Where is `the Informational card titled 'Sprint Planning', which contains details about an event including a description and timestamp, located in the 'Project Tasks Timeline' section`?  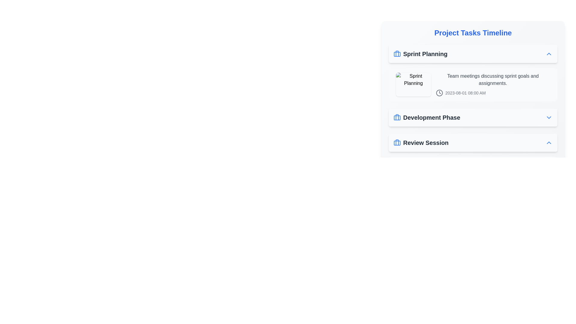 the Informational card titled 'Sprint Planning', which contains details about an event including a description and timestamp, located in the 'Project Tasks Timeline' section is located at coordinates (473, 84).